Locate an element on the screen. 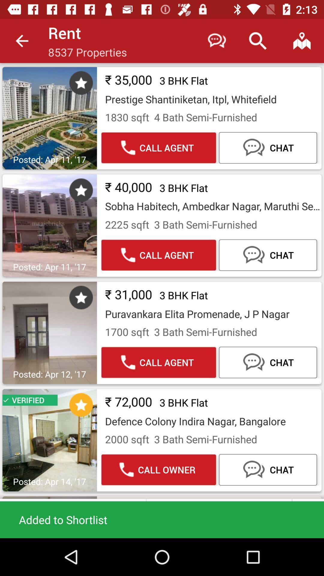 This screenshot has width=324, height=576. the search icon is located at coordinates (257, 40).